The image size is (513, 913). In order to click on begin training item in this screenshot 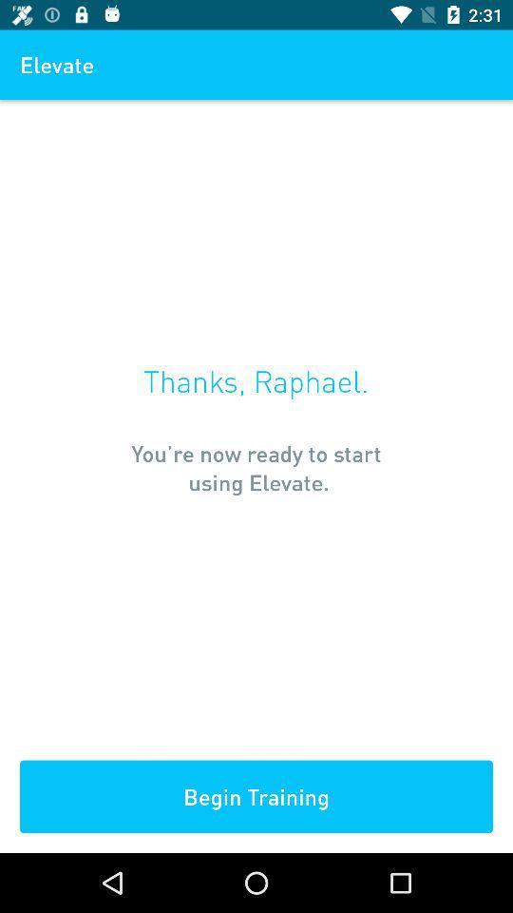, I will do `click(256, 796)`.